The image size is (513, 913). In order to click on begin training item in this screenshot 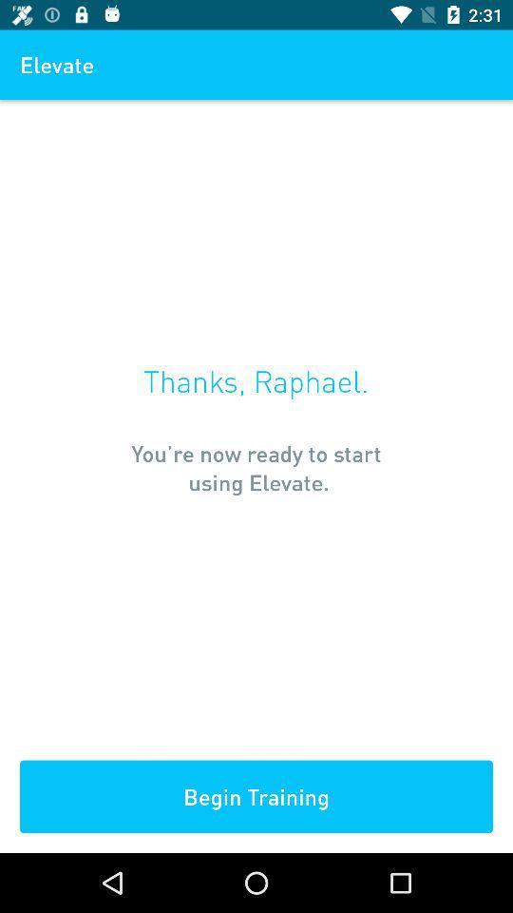, I will do `click(256, 796)`.